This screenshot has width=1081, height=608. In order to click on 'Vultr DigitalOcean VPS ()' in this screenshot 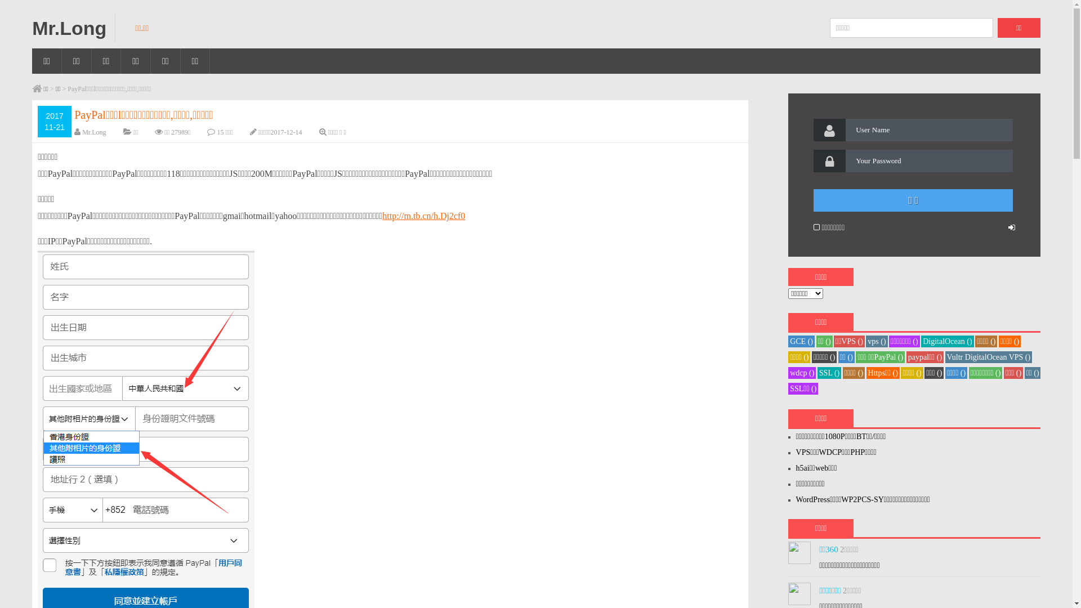, I will do `click(945, 357)`.